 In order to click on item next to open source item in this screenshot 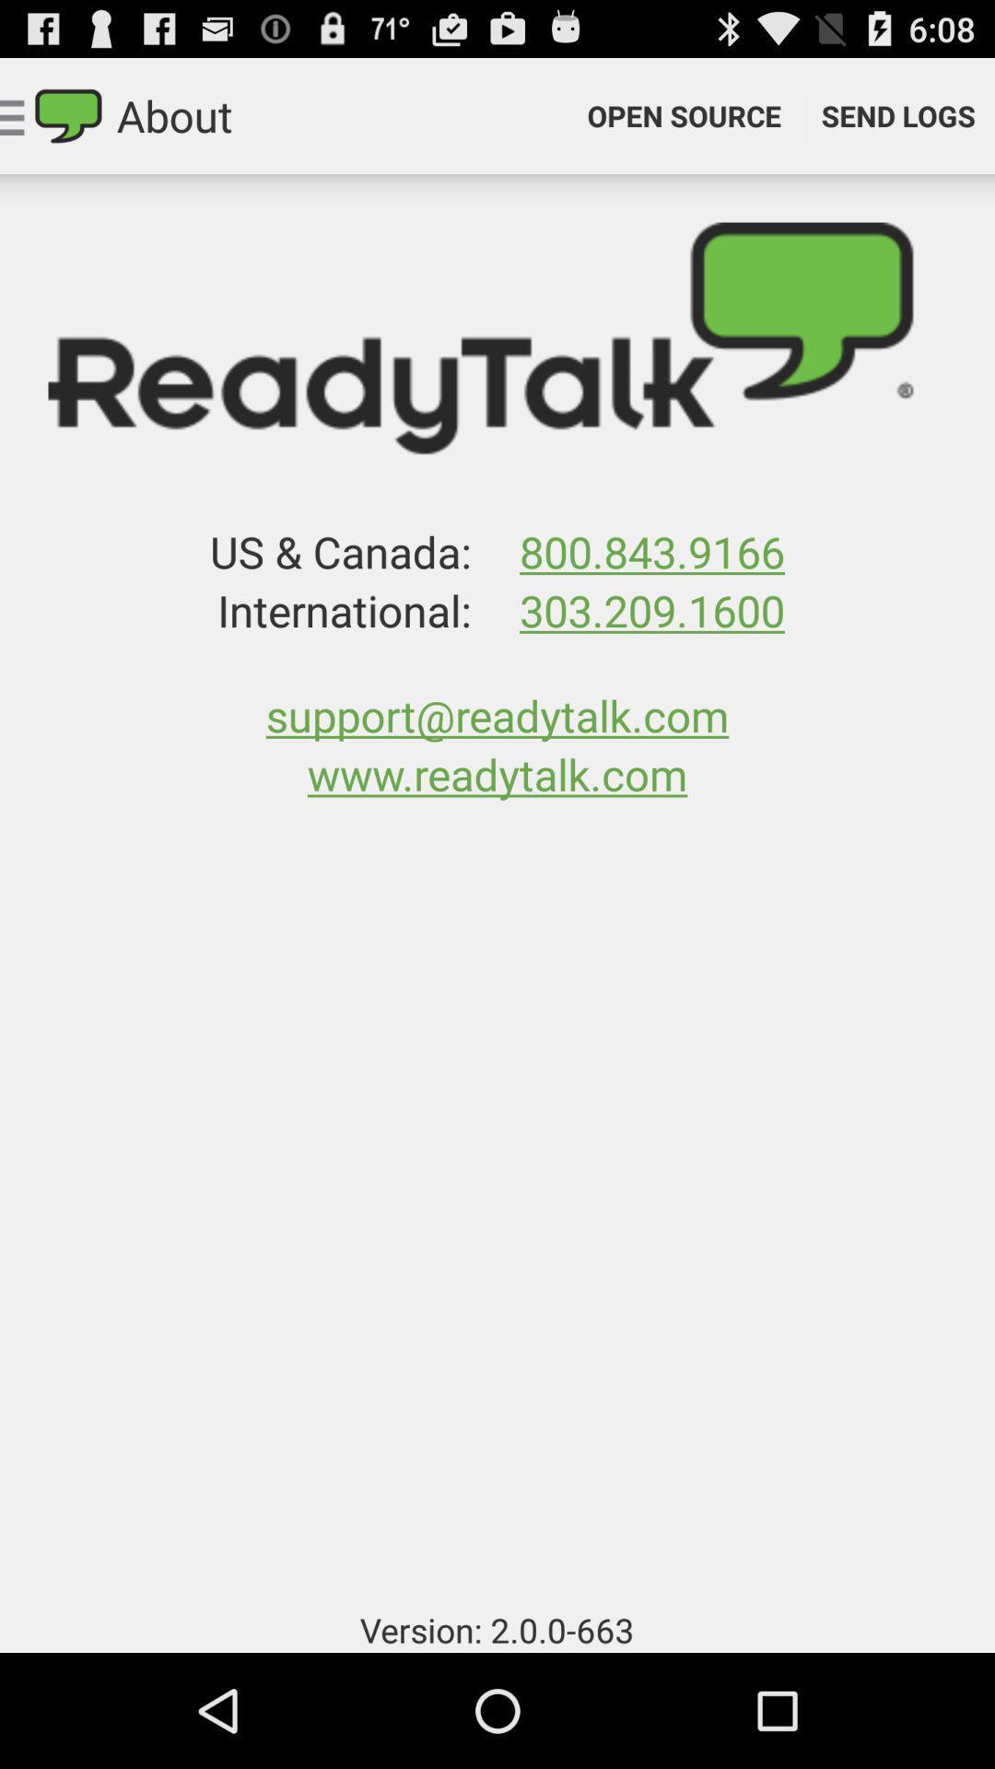, I will do `click(897, 114)`.